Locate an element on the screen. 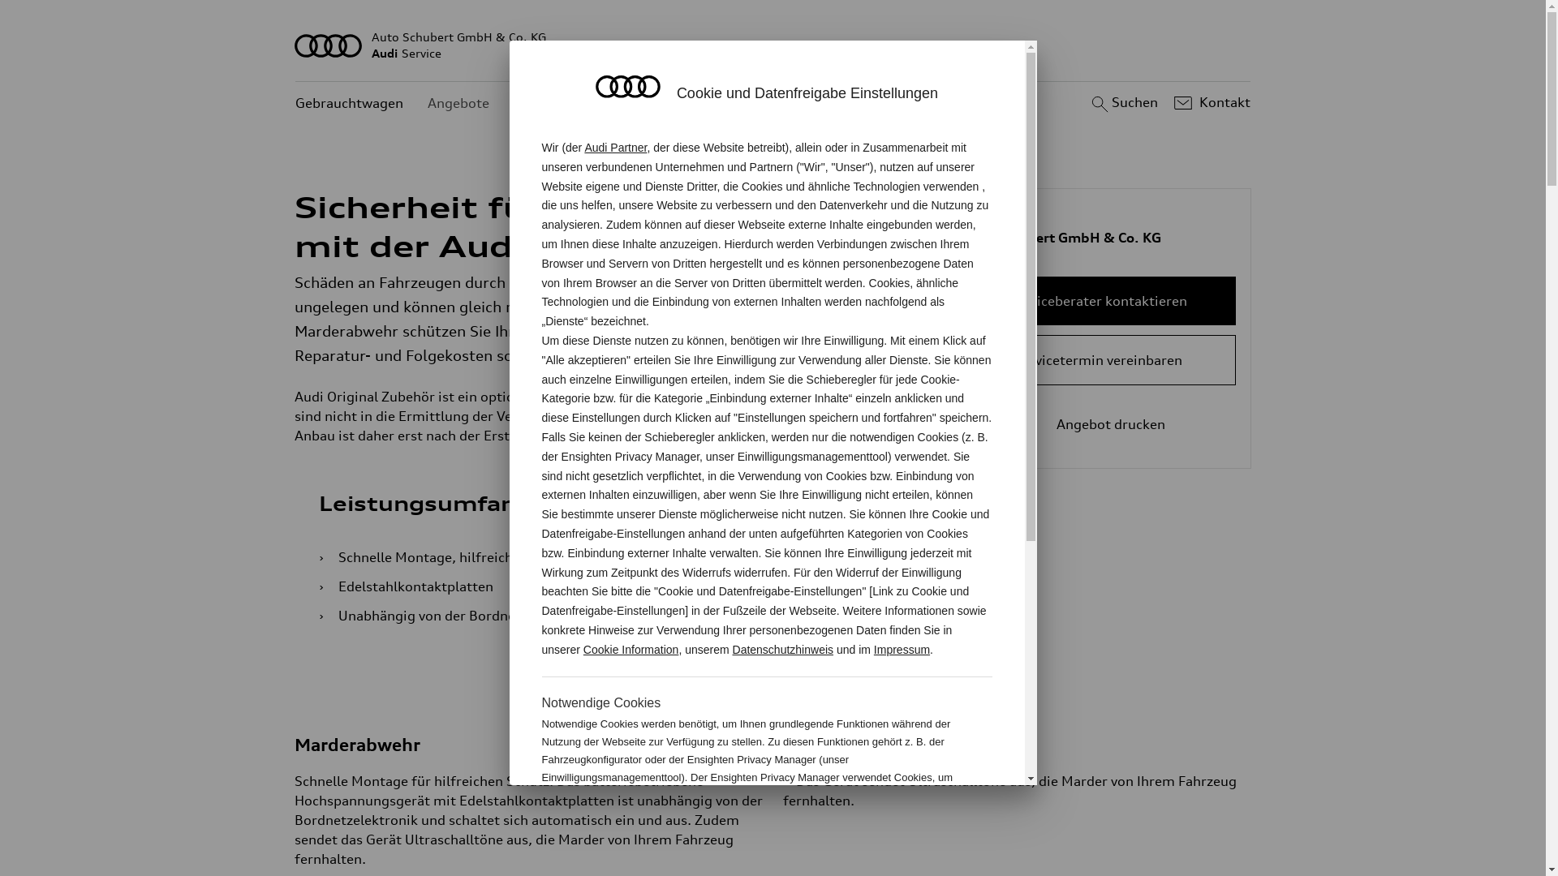 This screenshot has height=876, width=1558. 'Servicetermin vereinbaren' is located at coordinates (1098, 359).